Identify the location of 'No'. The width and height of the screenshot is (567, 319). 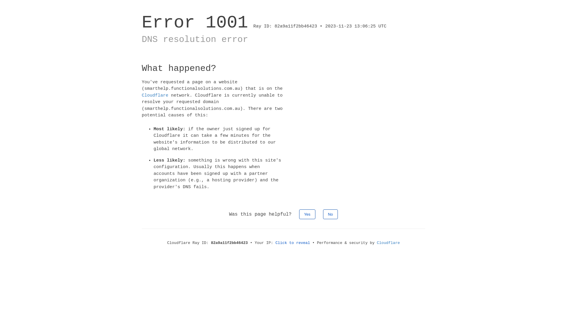
(330, 214).